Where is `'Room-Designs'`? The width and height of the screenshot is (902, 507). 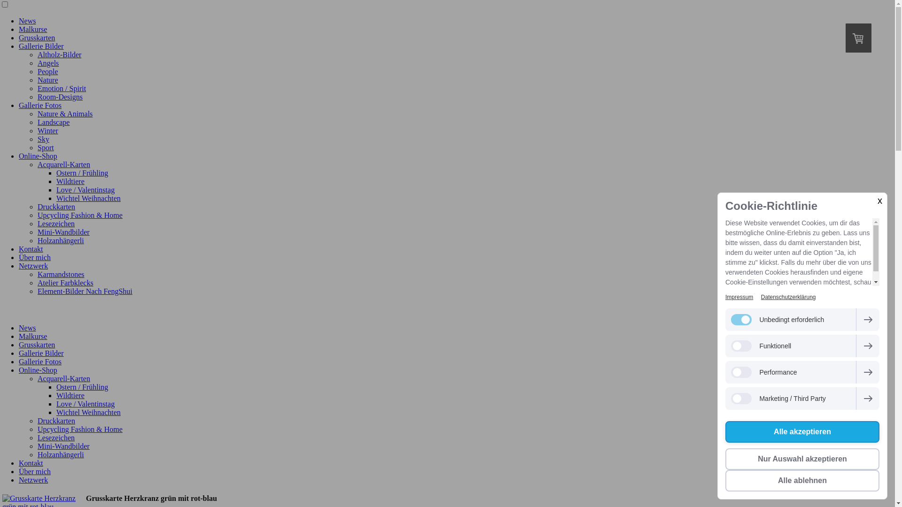 'Room-Designs' is located at coordinates (60, 97).